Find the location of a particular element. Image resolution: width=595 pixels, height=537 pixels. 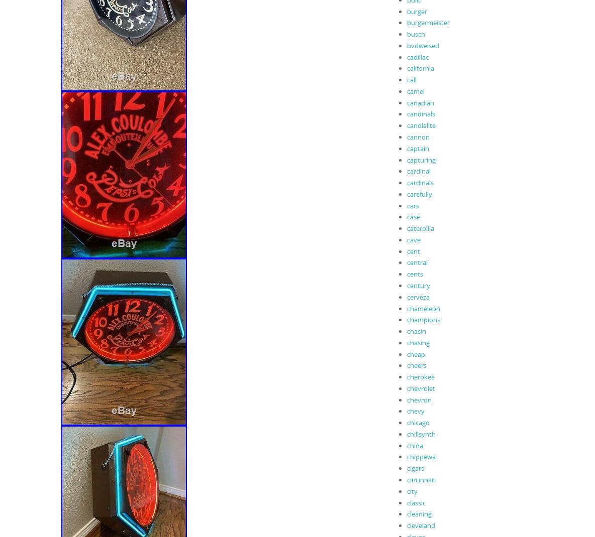

'chameleon' is located at coordinates (423, 307).